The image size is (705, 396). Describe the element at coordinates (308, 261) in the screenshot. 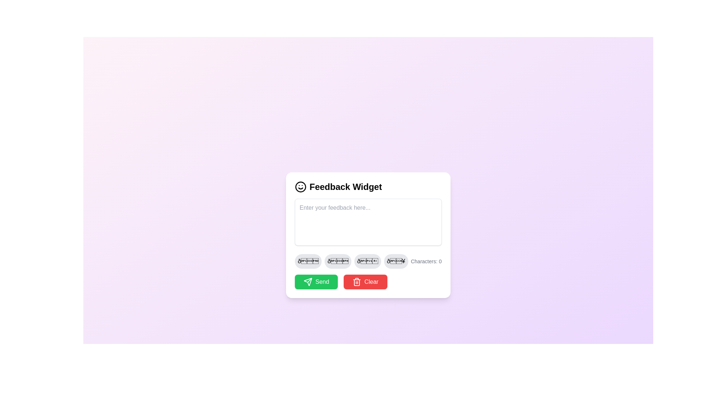

I see `the gray rounded button with an emoji, which is the first button among four horizontally aligned buttons below the text input area in the feedback widget` at that location.